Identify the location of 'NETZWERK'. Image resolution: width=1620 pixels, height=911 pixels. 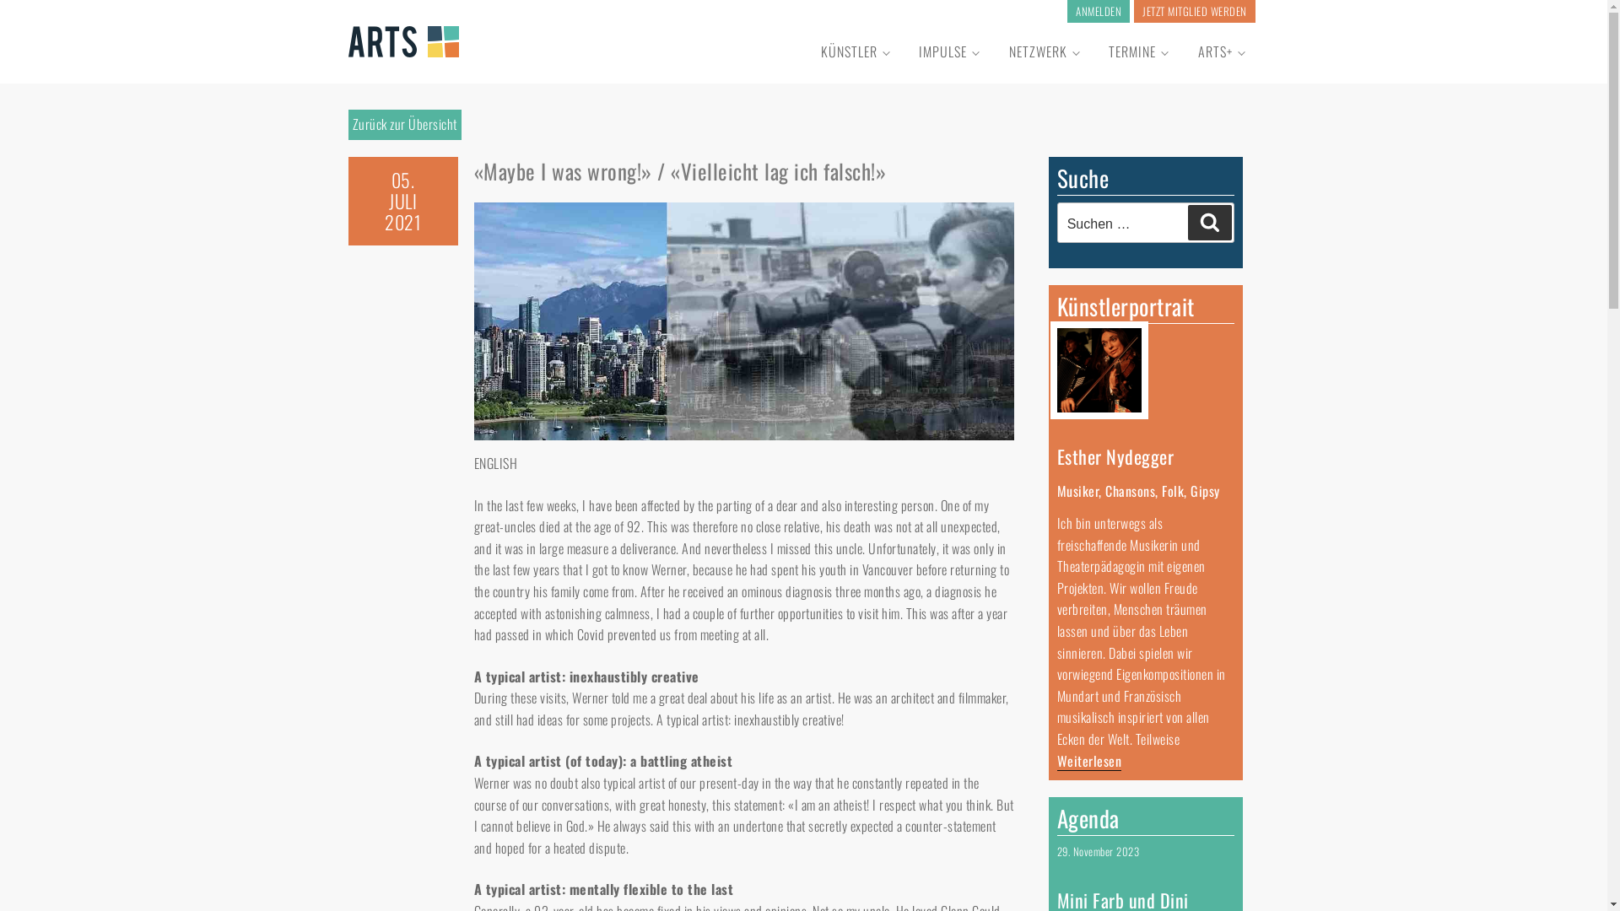
(993, 51).